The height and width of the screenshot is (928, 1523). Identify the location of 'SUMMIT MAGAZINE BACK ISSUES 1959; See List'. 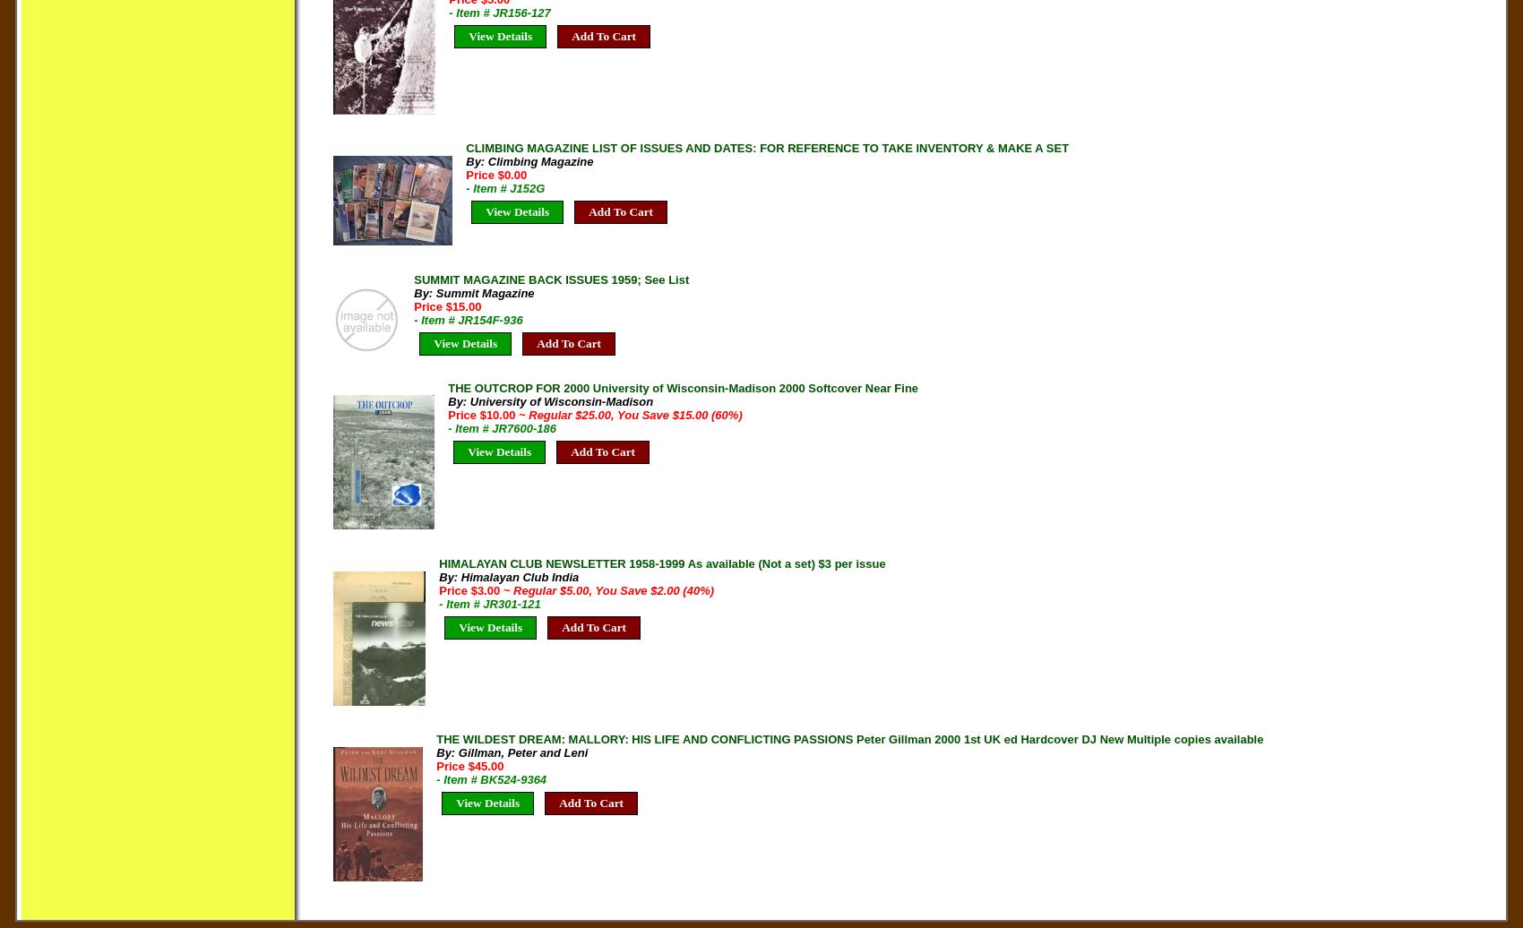
(550, 279).